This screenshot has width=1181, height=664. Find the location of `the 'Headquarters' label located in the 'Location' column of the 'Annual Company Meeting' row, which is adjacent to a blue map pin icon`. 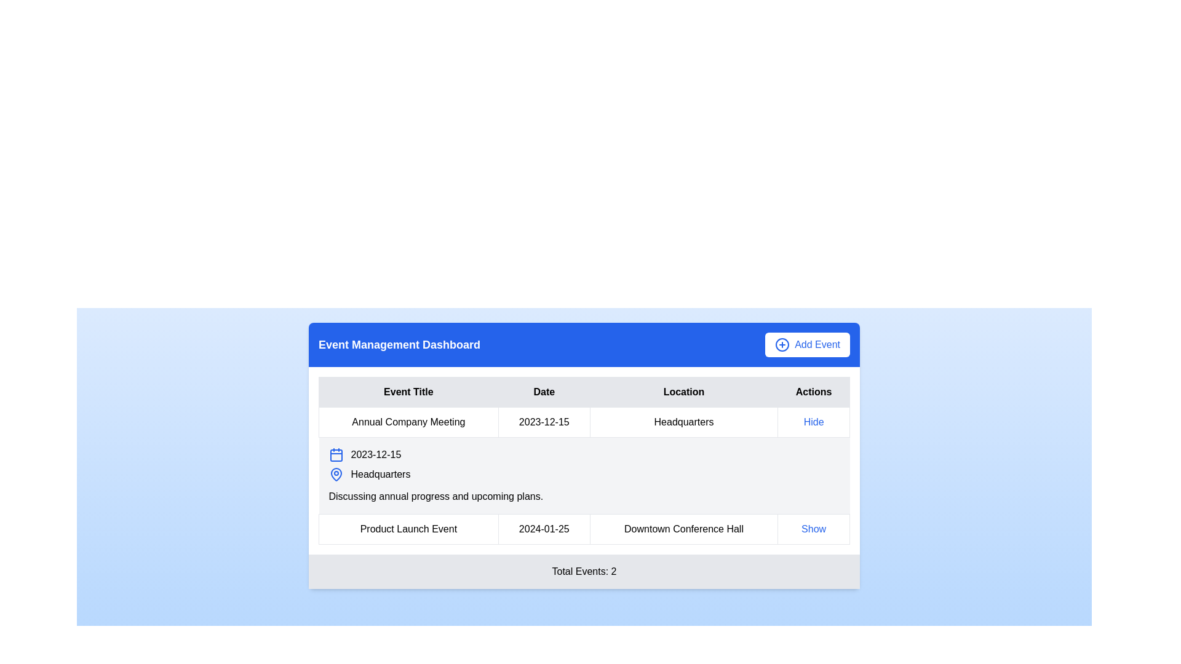

the 'Headquarters' label located in the 'Location' column of the 'Annual Company Meeting' row, which is adjacent to a blue map pin icon is located at coordinates (380, 473).